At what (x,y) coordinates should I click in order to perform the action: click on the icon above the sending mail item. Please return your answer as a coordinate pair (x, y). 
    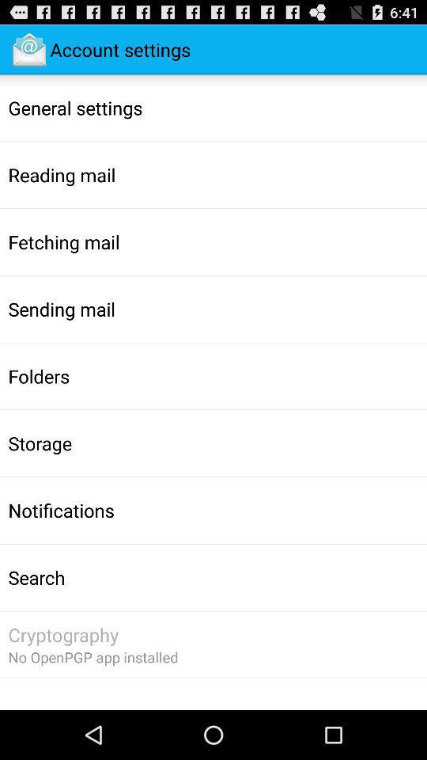
    Looking at the image, I should click on (63, 241).